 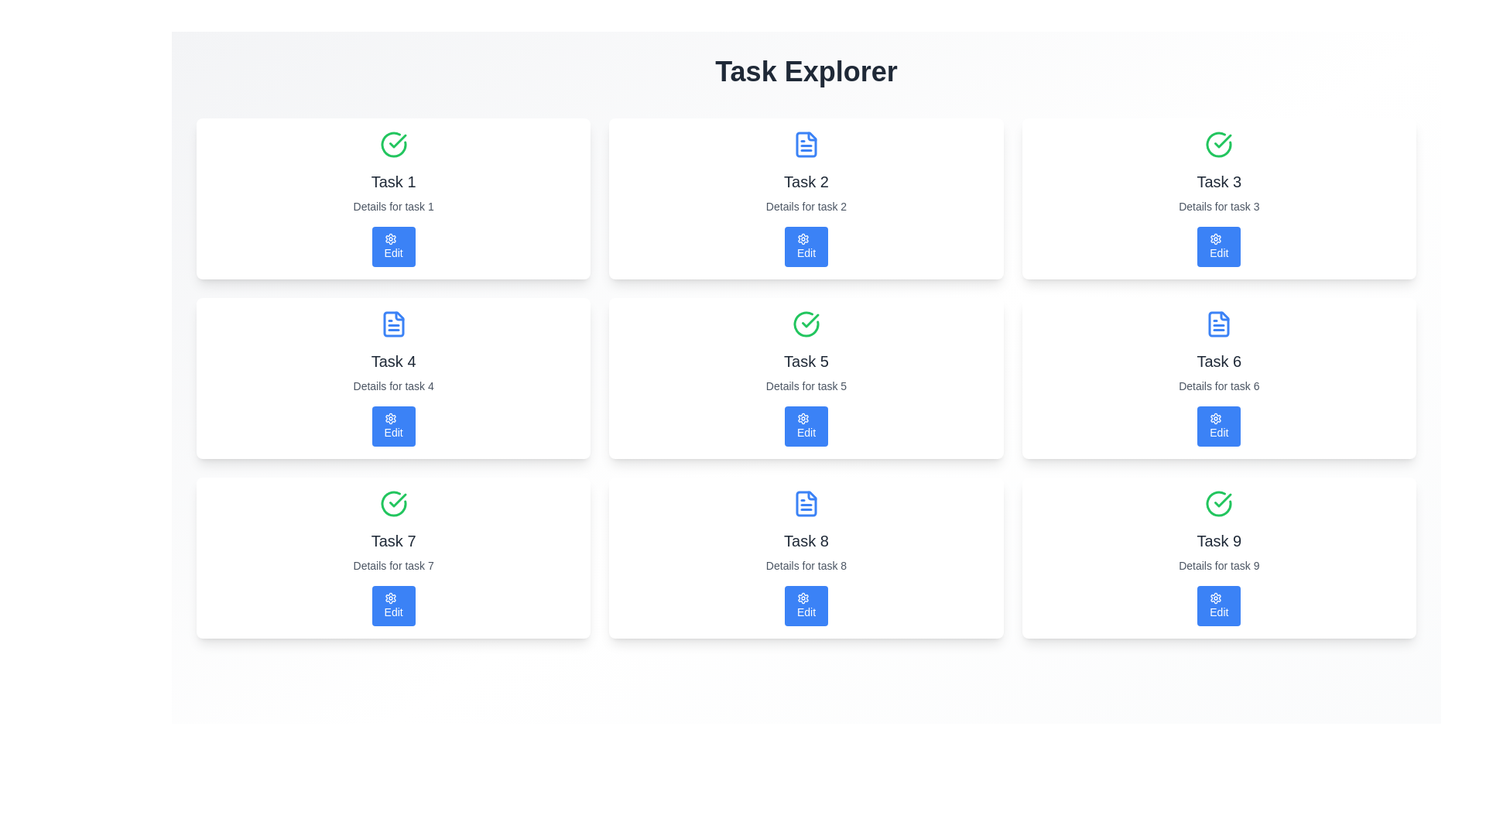 I want to click on the blue circular gear-shaped icon that signifies settings, located inside the 'Edit' button of the eighth task panel, to the left of the button's text, so click(x=803, y=597).